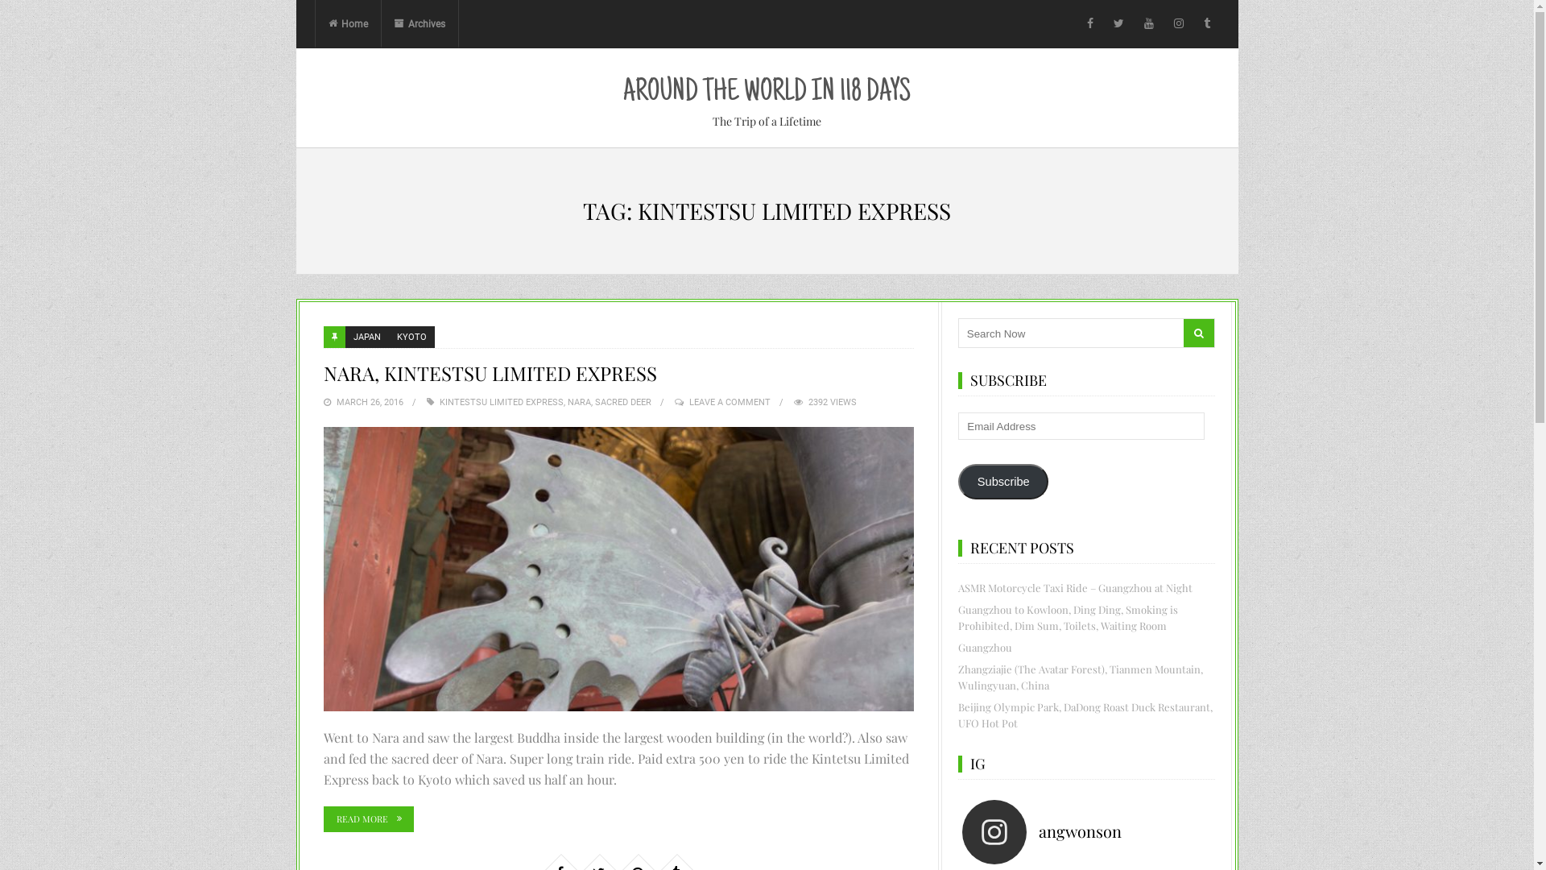  Describe the element at coordinates (347, 24) in the screenshot. I see `'Home'` at that location.